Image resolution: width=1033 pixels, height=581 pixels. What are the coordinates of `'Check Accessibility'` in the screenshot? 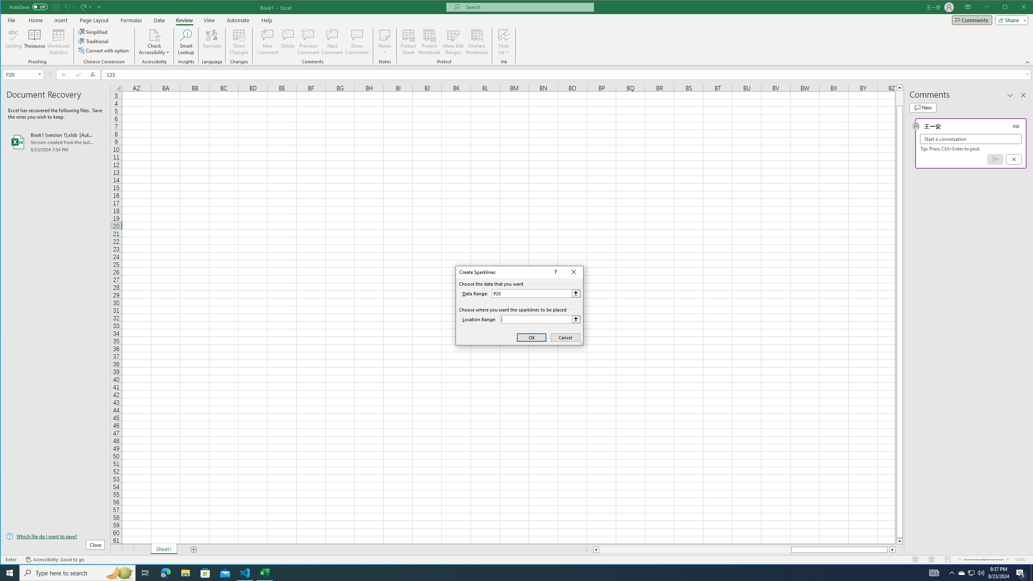 It's located at (154, 42).